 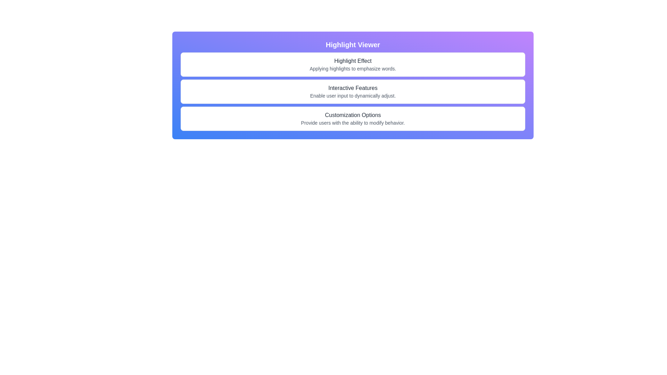 I want to click on the text 'Interactive' within the header labeled 'Interactive Features', specifically targeting the ninth character of the word, so click(x=347, y=87).